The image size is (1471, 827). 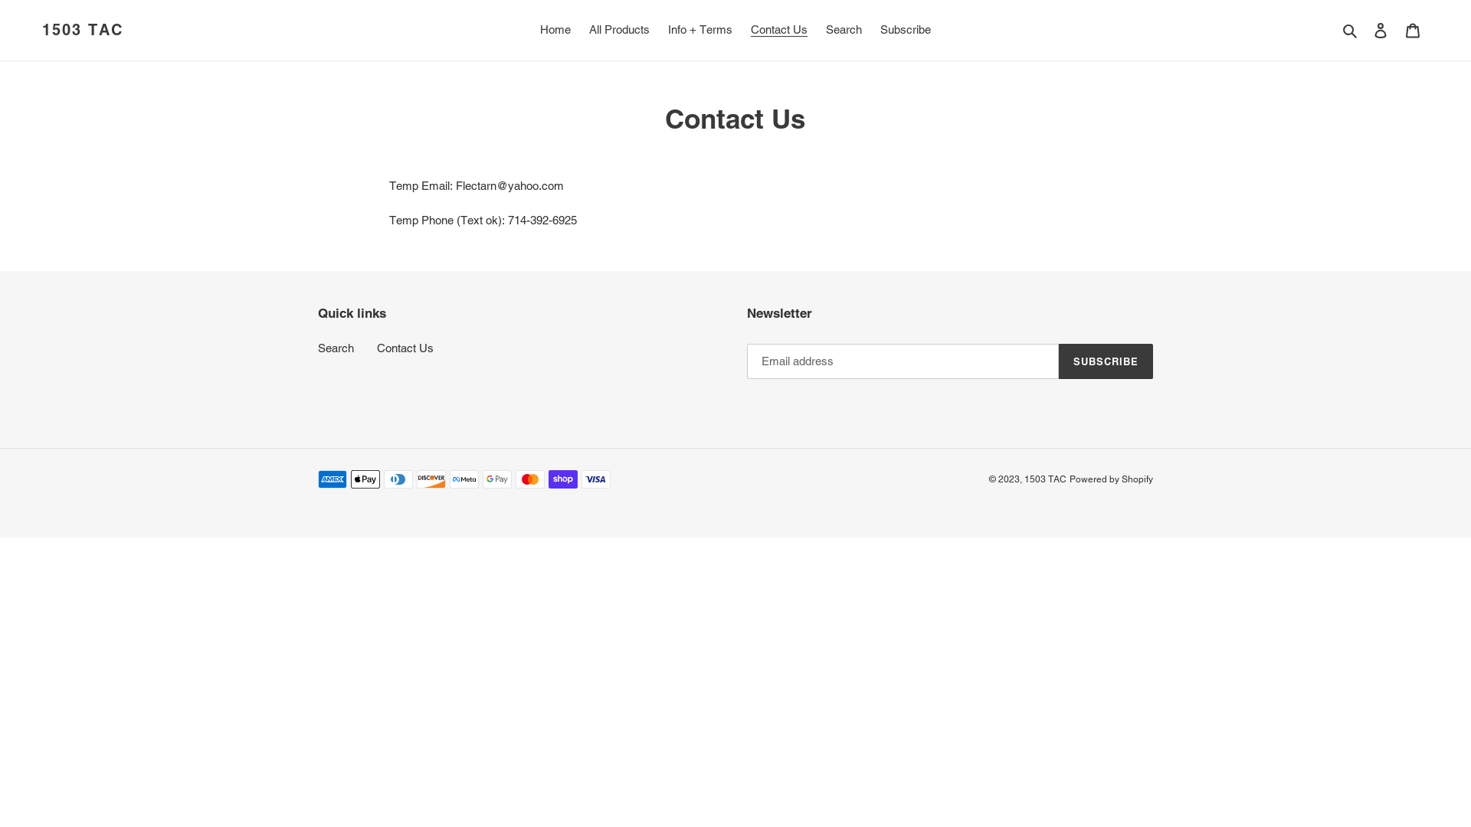 What do you see at coordinates (872, 30) in the screenshot?
I see `'Subscribe'` at bounding box center [872, 30].